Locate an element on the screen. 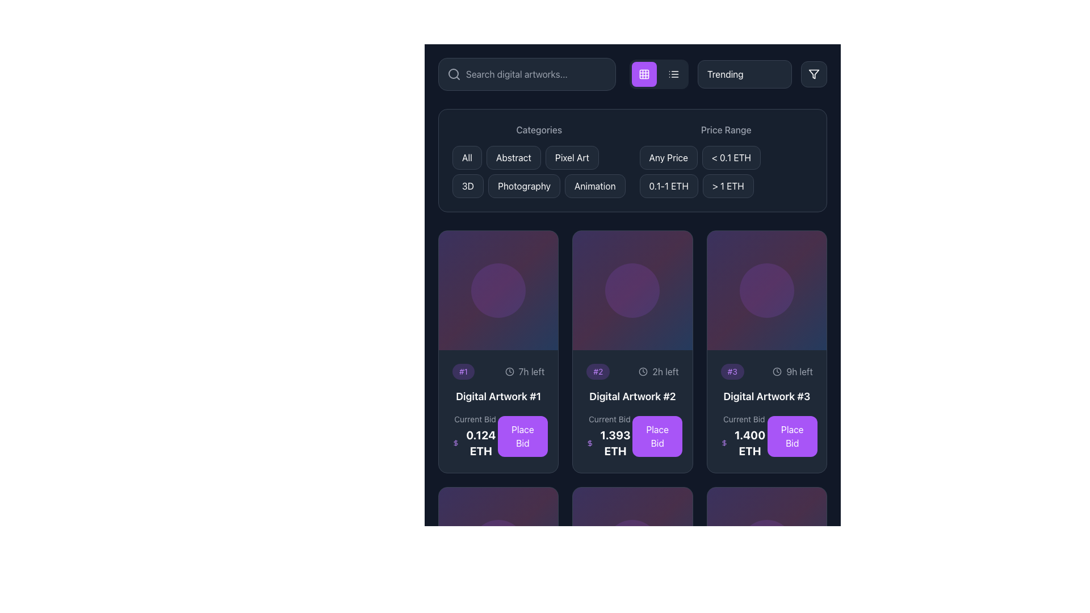 The image size is (1090, 613). the small rounded button with an eye symbol in the top-right corner of the 'Digital Artwork #3' card is located at coordinates (807, 274).